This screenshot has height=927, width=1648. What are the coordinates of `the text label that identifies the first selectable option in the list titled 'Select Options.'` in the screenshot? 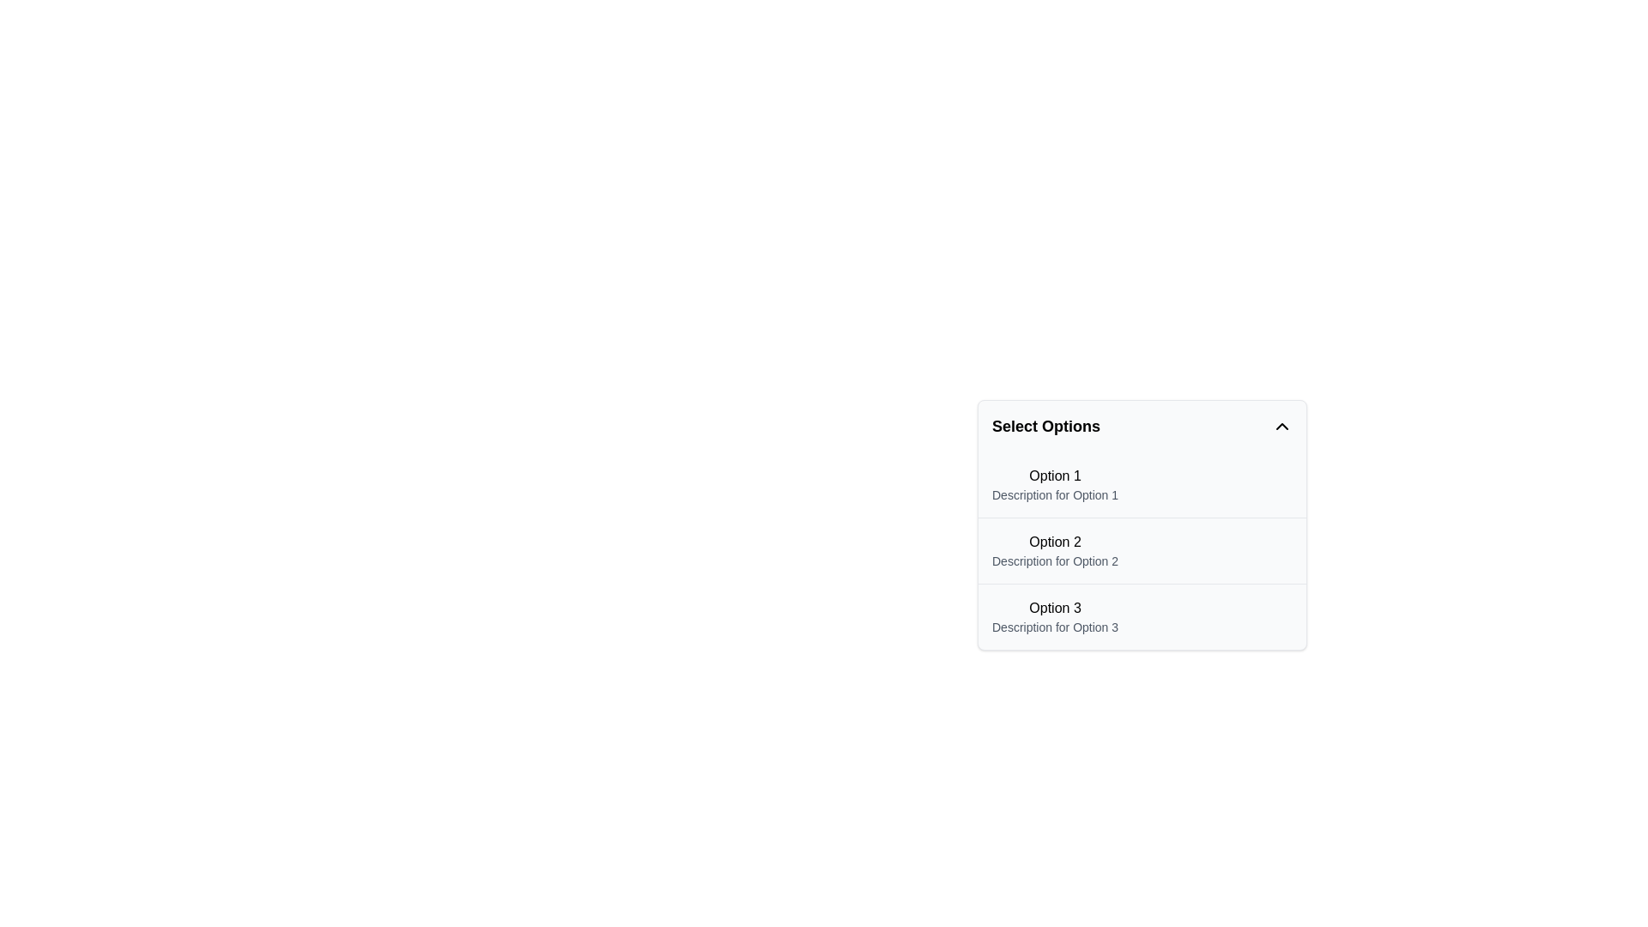 It's located at (1054, 476).